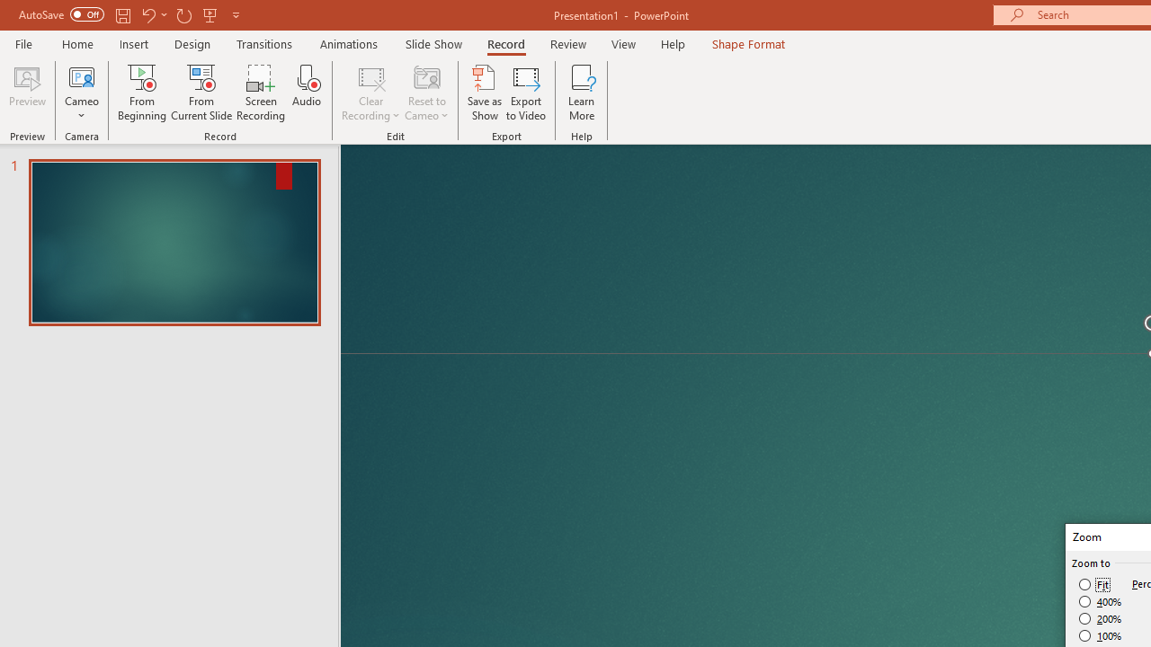  What do you see at coordinates (201, 93) in the screenshot?
I see `'From Current Slide...'` at bounding box center [201, 93].